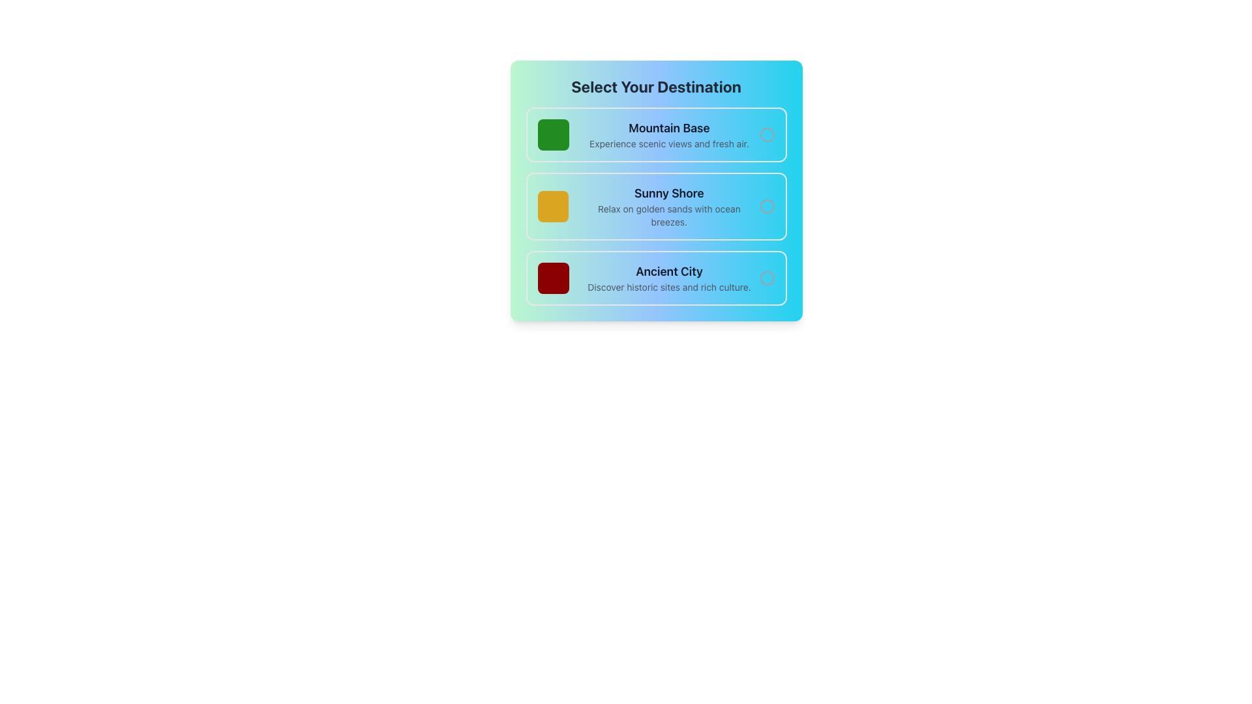 The width and height of the screenshot is (1252, 704). Describe the element at coordinates (767, 205) in the screenshot. I see `the radio button associated with the option 'Sunny Shore Relax on golden sands with ocean breezes.'` at that location.